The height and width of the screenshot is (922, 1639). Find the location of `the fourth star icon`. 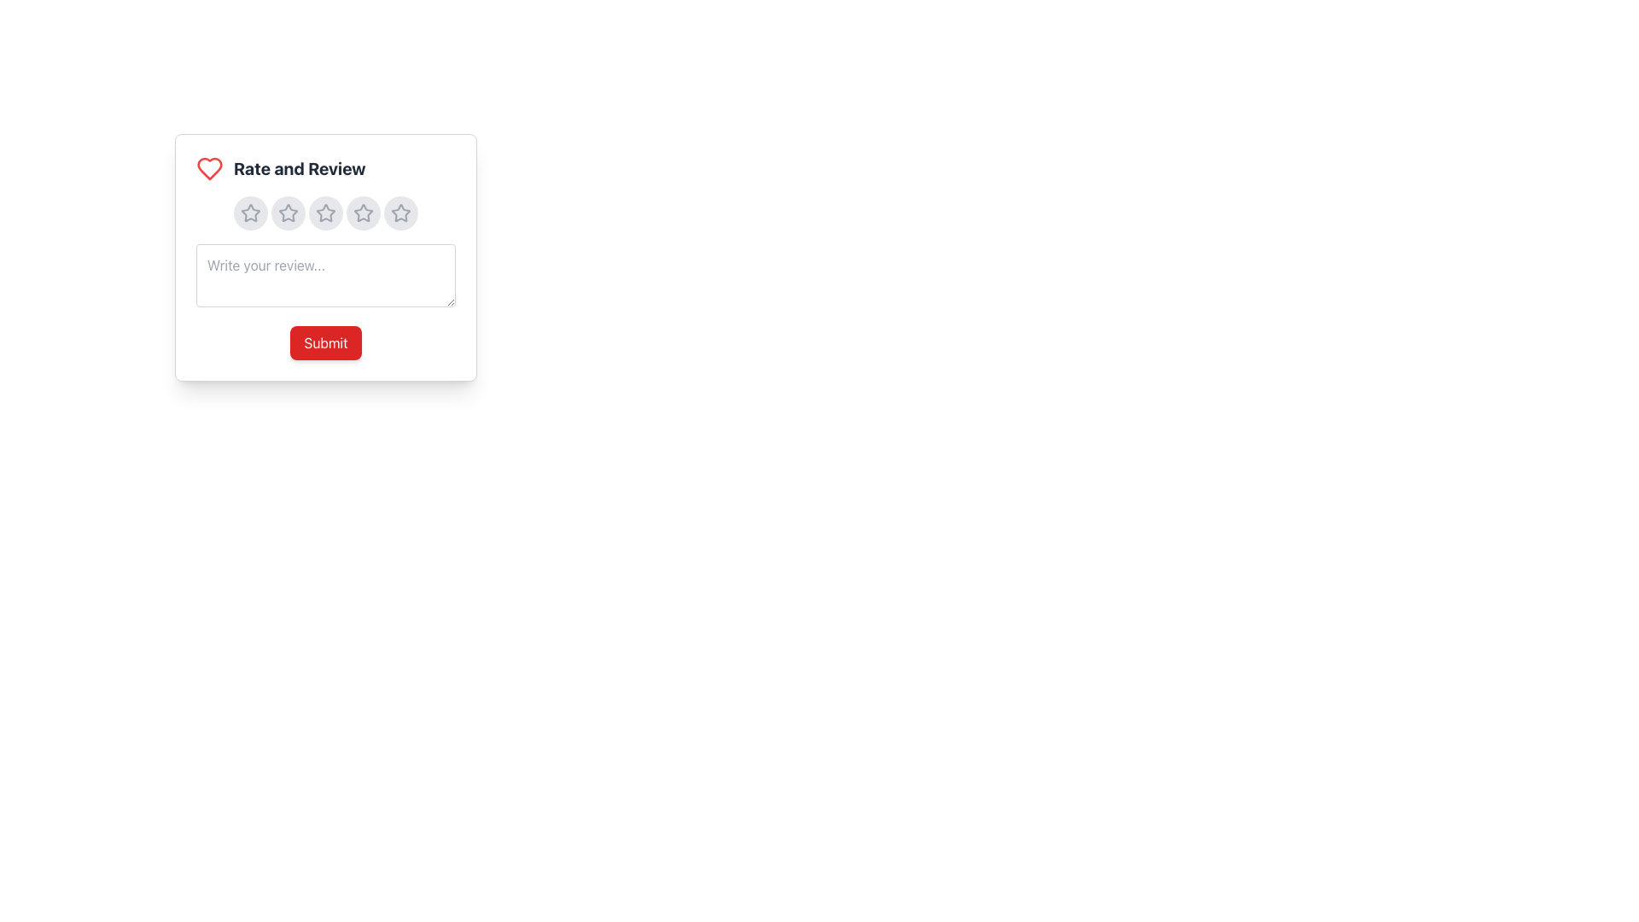

the fourth star icon is located at coordinates (363, 213).